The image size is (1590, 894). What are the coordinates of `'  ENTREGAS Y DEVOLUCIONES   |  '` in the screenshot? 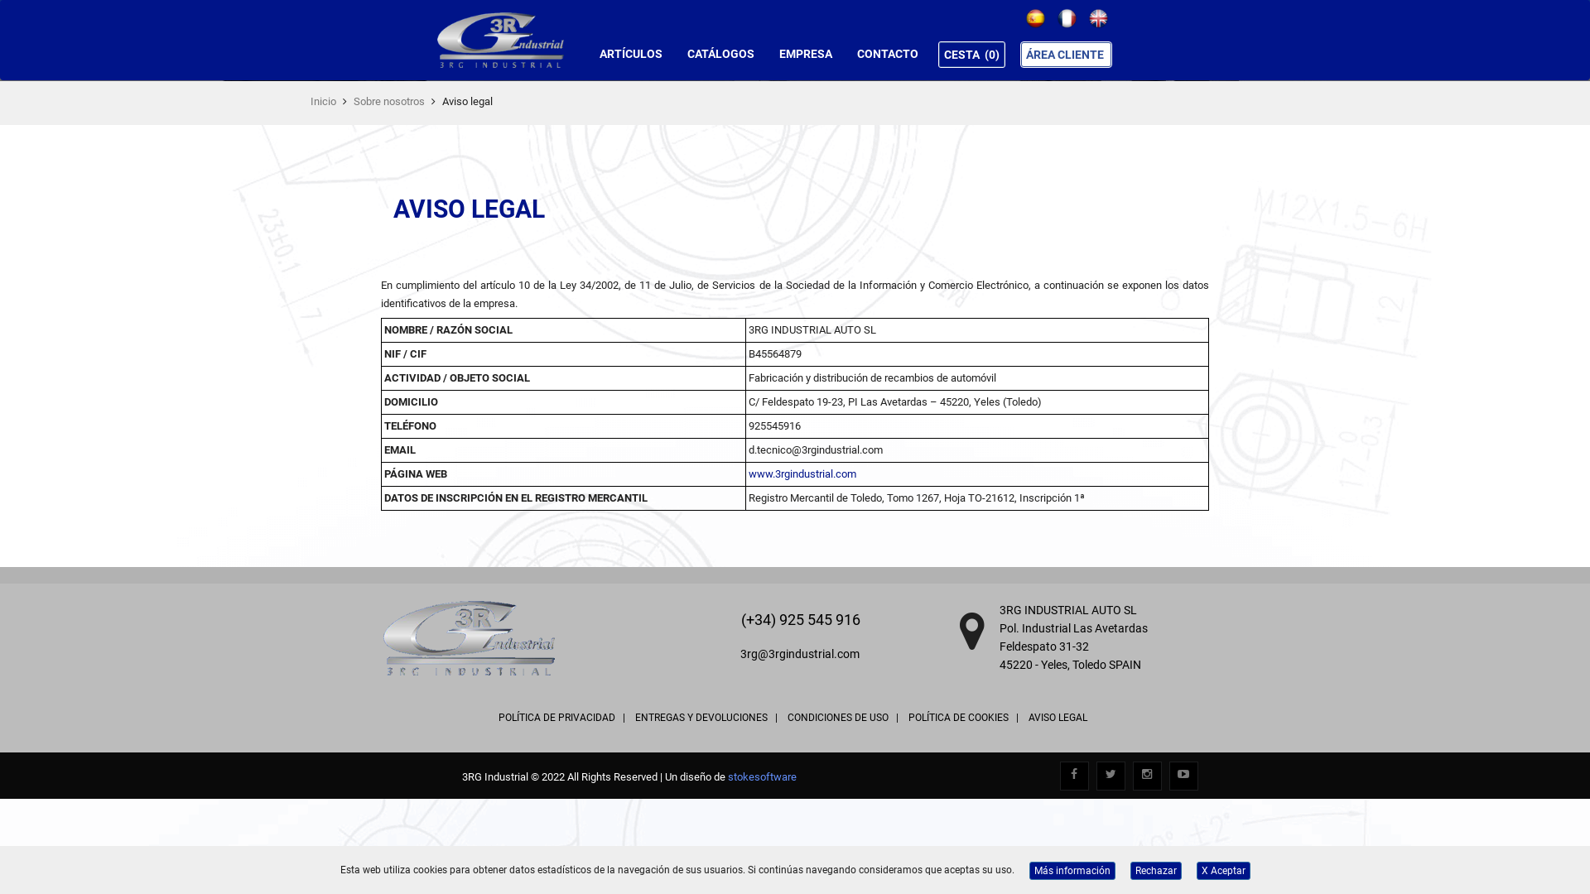 It's located at (705, 717).